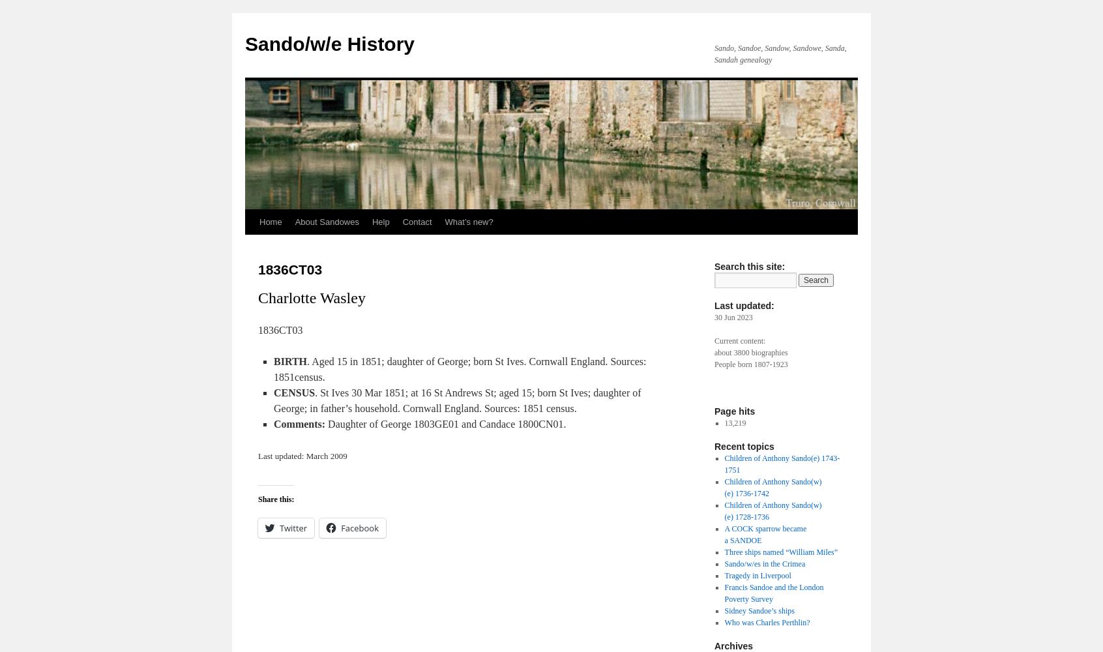 Image resolution: width=1103 pixels, height=652 pixels. What do you see at coordinates (293, 392) in the screenshot?
I see `'CENSUS'` at bounding box center [293, 392].